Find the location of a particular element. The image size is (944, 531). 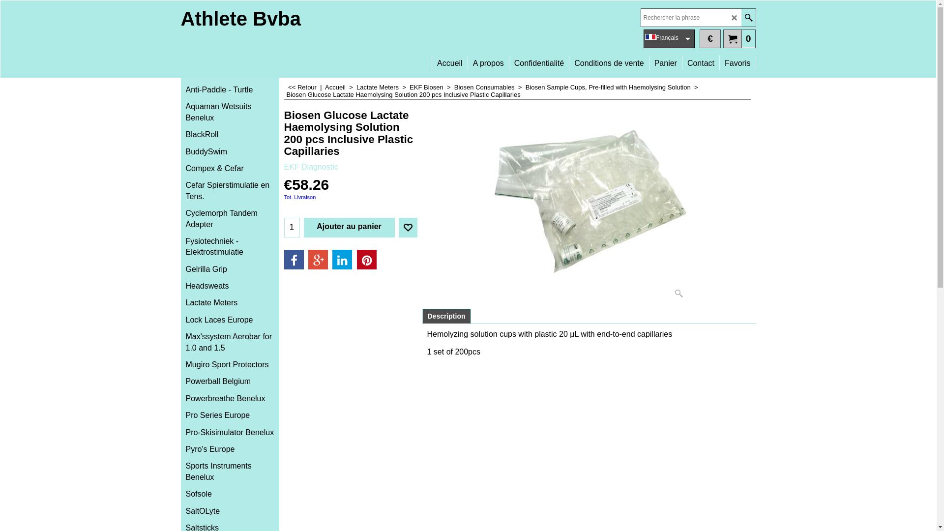

'Fysiotechniek - Elektrostimulatie' is located at coordinates (230, 246).